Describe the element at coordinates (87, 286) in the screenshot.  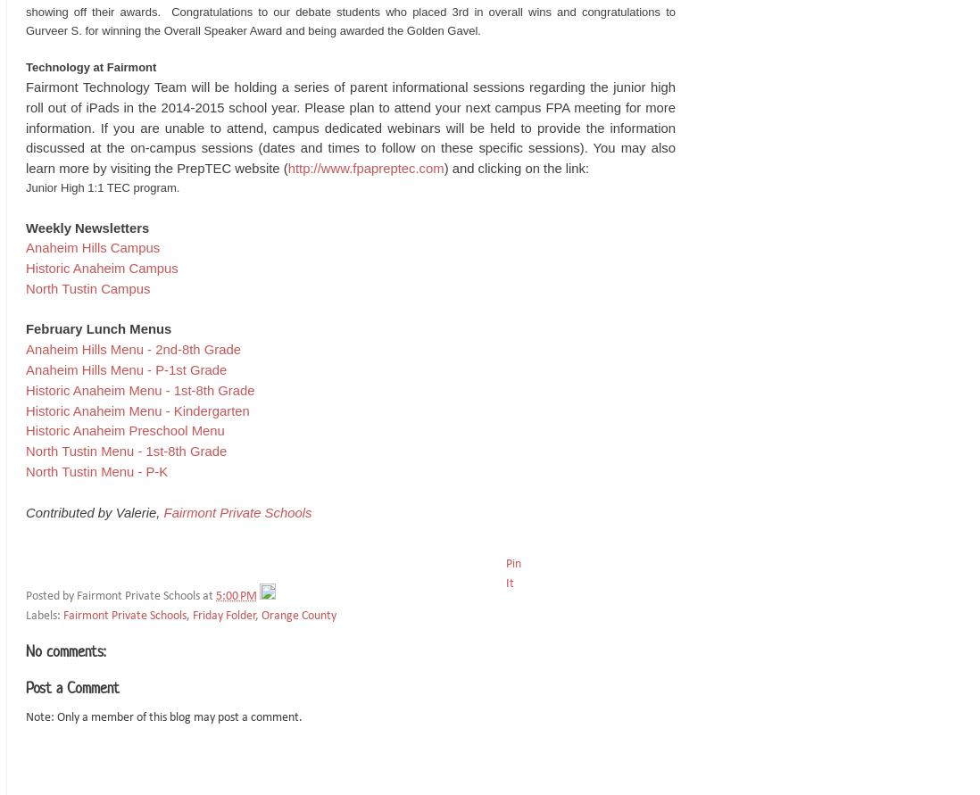
I see `'North Tustin Campus'` at that location.